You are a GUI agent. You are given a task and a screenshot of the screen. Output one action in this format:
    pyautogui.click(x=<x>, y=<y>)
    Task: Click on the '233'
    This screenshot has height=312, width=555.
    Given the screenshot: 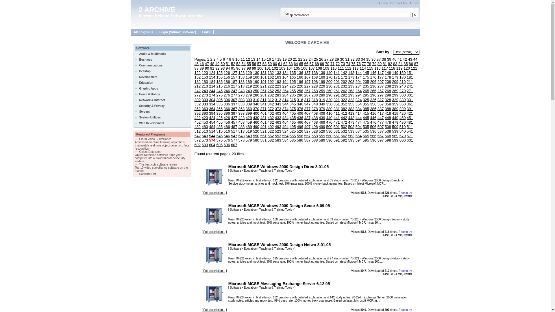 What is the action you would take?
    pyautogui.click(x=351, y=86)
    